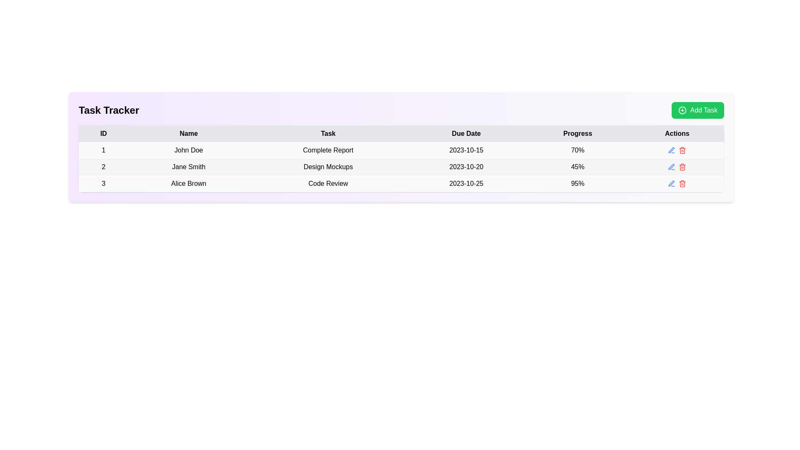 This screenshot has width=800, height=450. Describe the element at coordinates (466, 183) in the screenshot. I see `the static text displaying the due date for 'Alice Brown's task 'Code Review' in the task tracker` at that location.